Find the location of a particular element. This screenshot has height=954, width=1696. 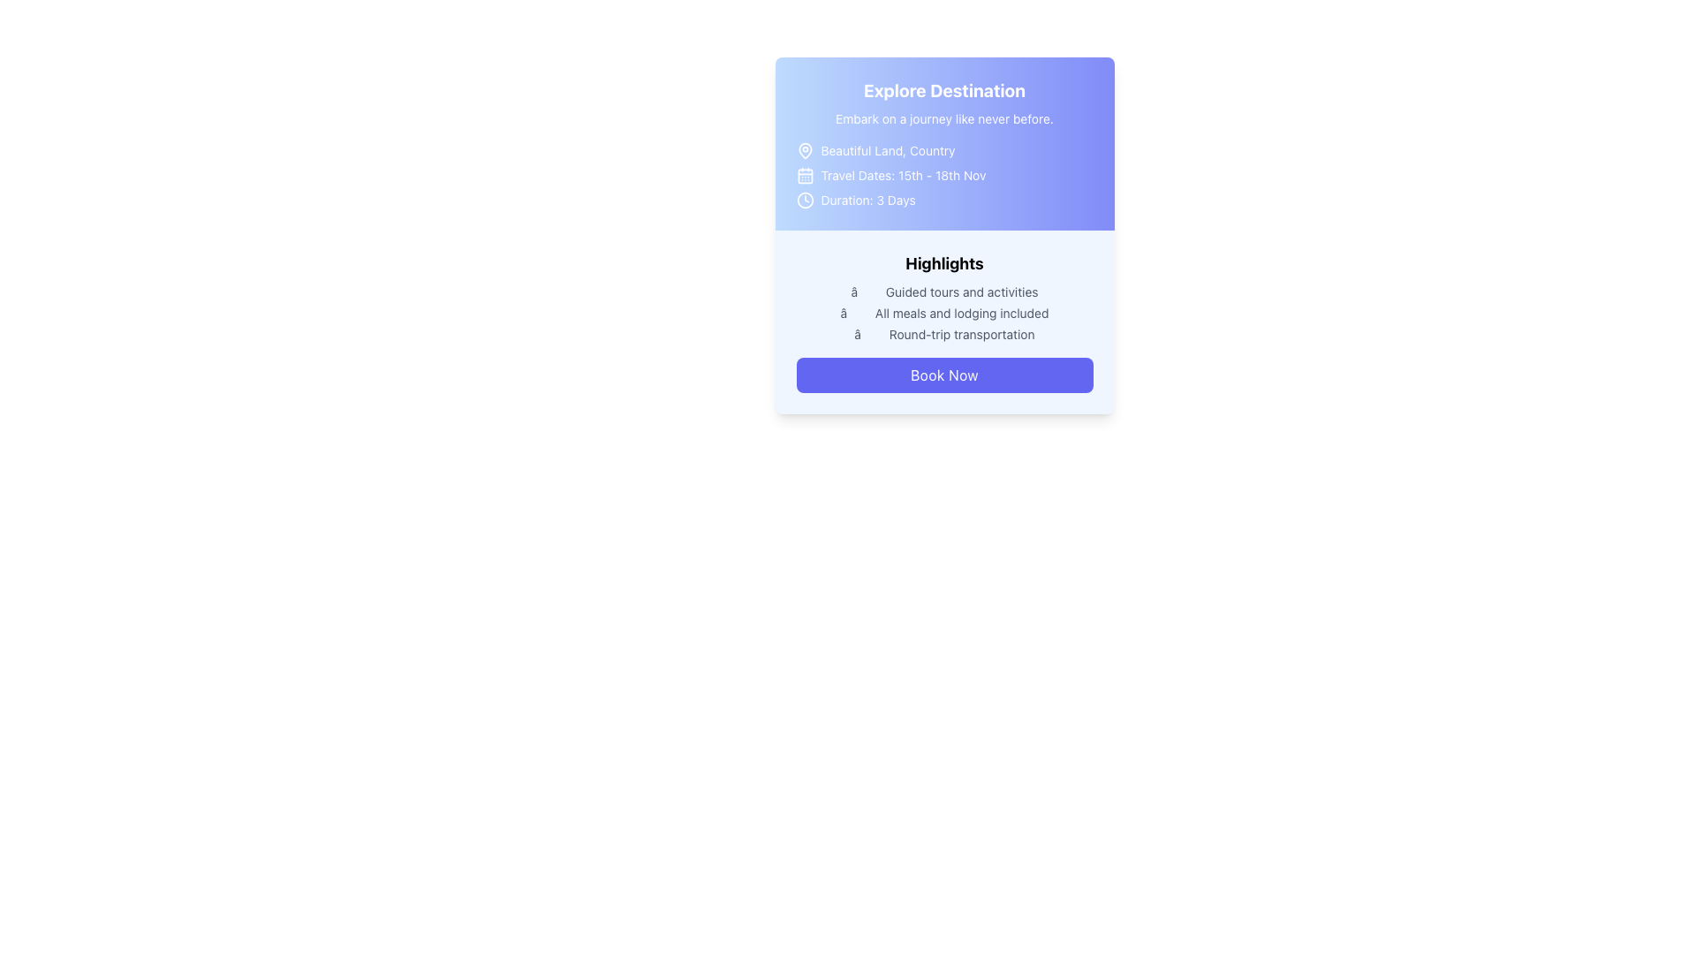

the SVG circle located at the center of the clock icon within the travel information card, which is the third visual indicator in the list is located at coordinates (804, 200).